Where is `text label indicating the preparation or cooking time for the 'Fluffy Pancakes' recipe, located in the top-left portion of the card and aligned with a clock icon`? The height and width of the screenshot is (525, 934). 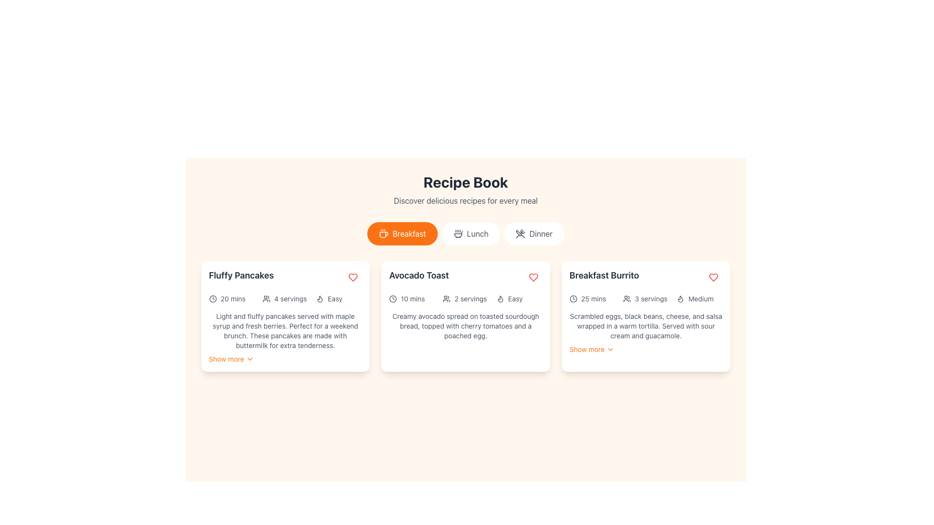 text label indicating the preparation or cooking time for the 'Fluffy Pancakes' recipe, located in the top-left portion of the card and aligned with a clock icon is located at coordinates (233, 298).